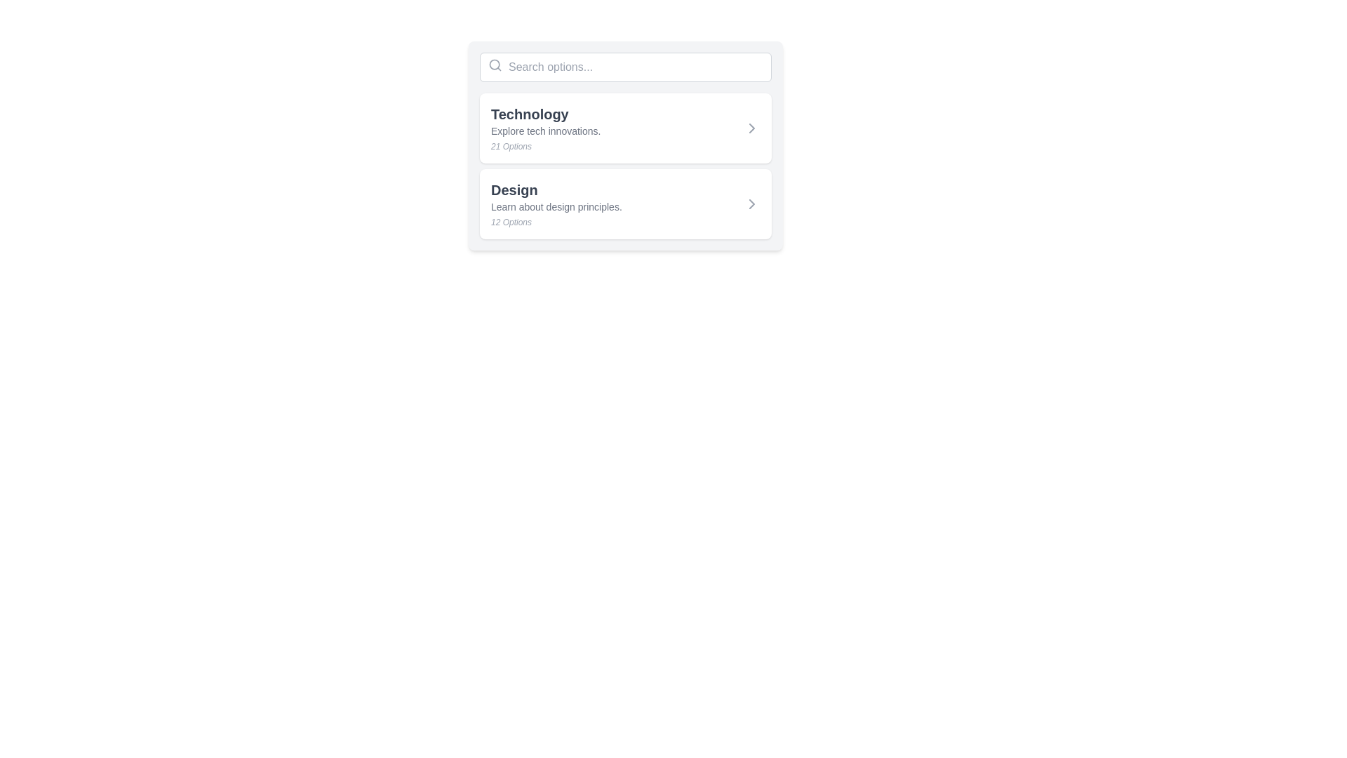 The image size is (1347, 758). What do you see at coordinates (545, 131) in the screenshot?
I see `descriptive subtitle text located beneath the bold 'Technology' title, which provides additional context about the content or options available in this section` at bounding box center [545, 131].